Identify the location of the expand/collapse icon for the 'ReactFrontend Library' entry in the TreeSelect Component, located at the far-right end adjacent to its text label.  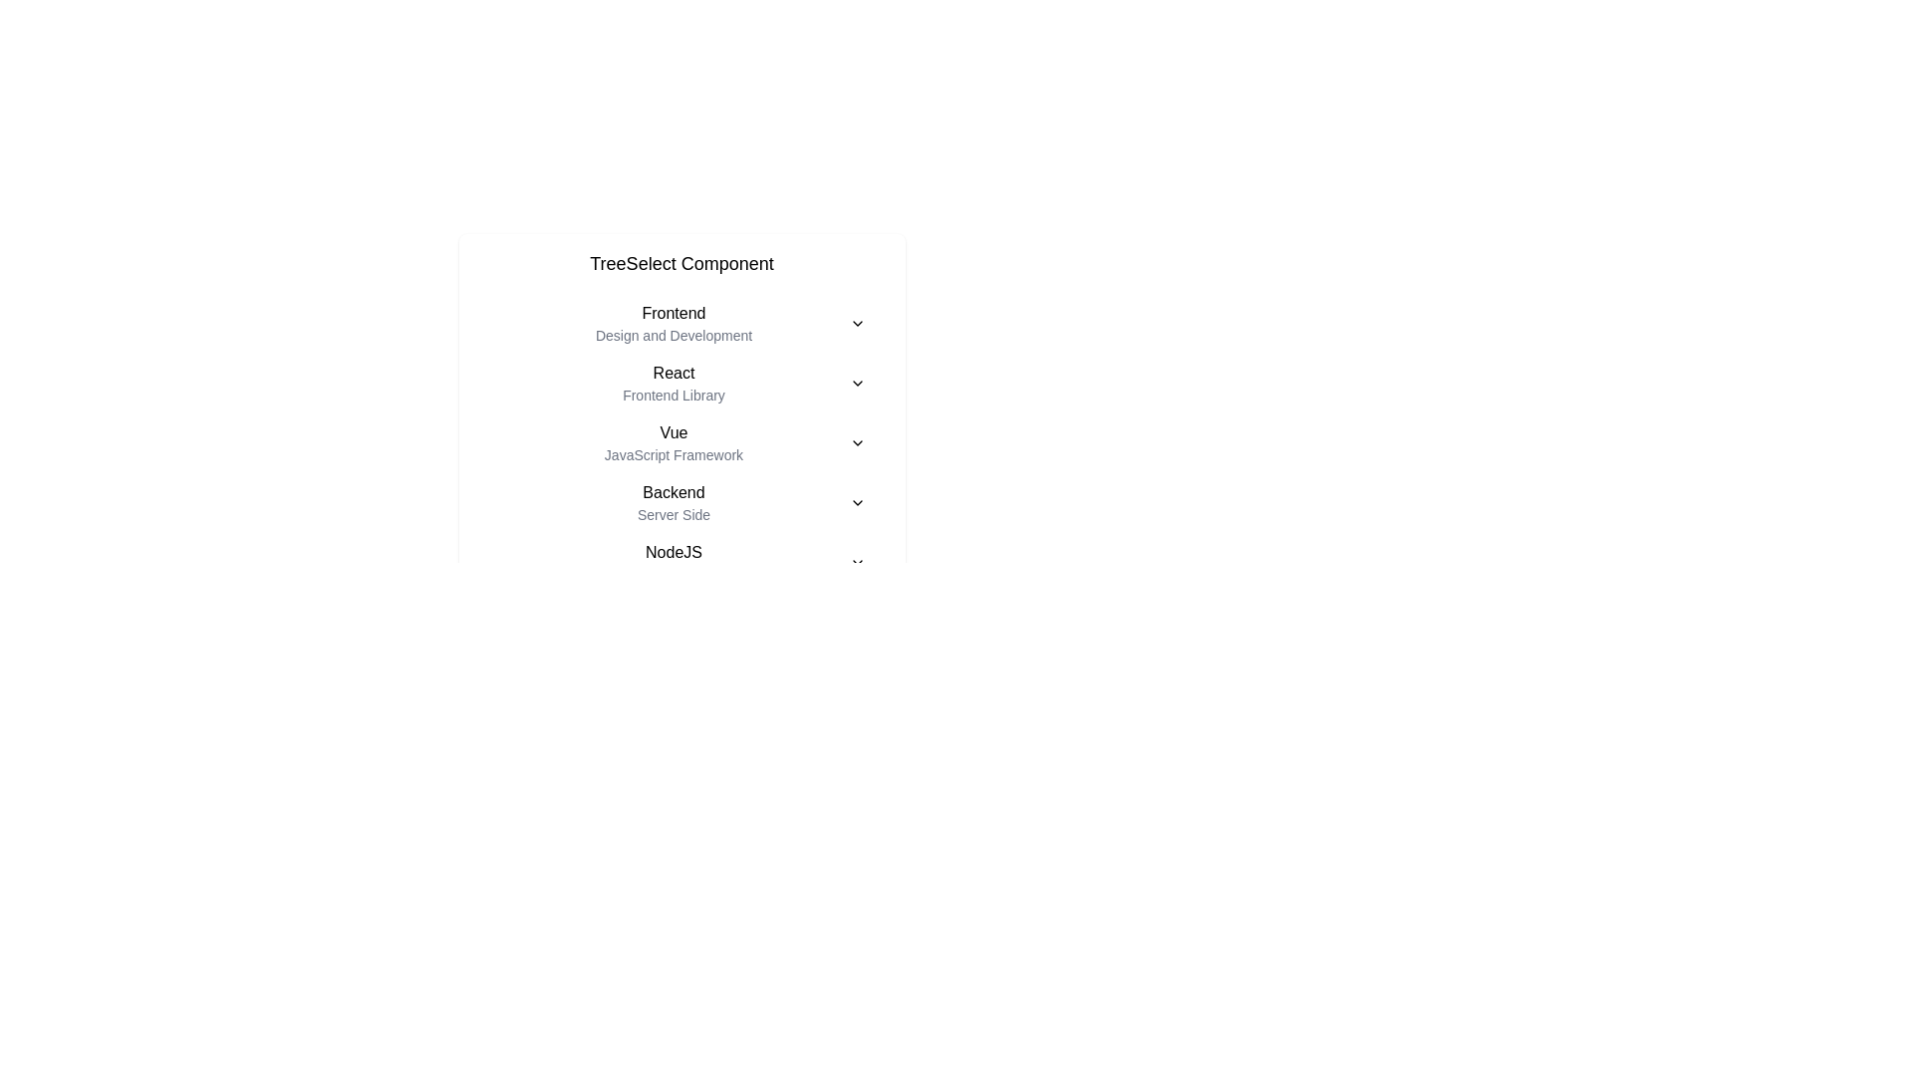
(857, 384).